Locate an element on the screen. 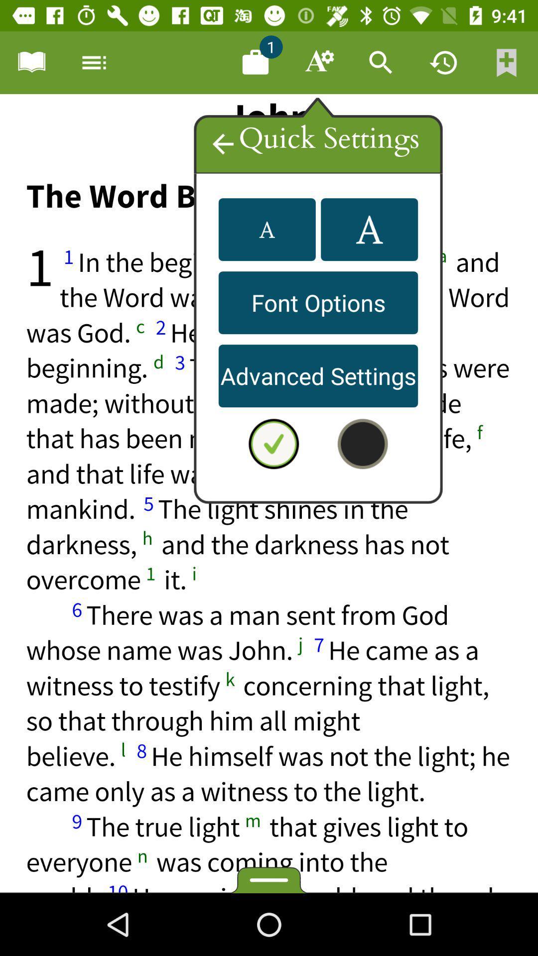 This screenshot has width=538, height=956. a bookmark is located at coordinates (30, 62).